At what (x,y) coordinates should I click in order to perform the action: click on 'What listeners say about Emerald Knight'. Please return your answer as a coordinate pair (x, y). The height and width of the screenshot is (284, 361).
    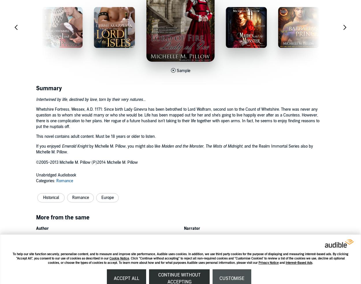
    Looking at the image, I should click on (85, 267).